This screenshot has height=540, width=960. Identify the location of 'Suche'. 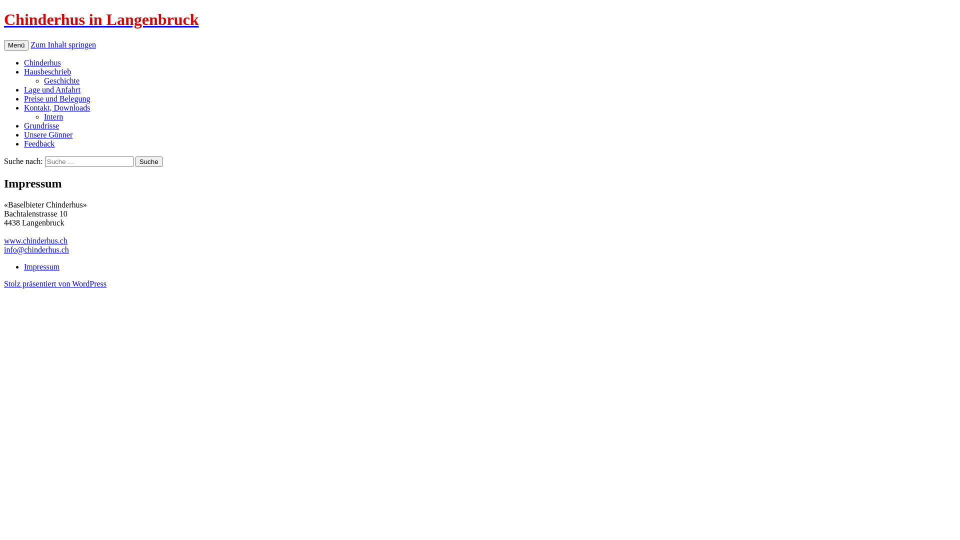
(134, 161).